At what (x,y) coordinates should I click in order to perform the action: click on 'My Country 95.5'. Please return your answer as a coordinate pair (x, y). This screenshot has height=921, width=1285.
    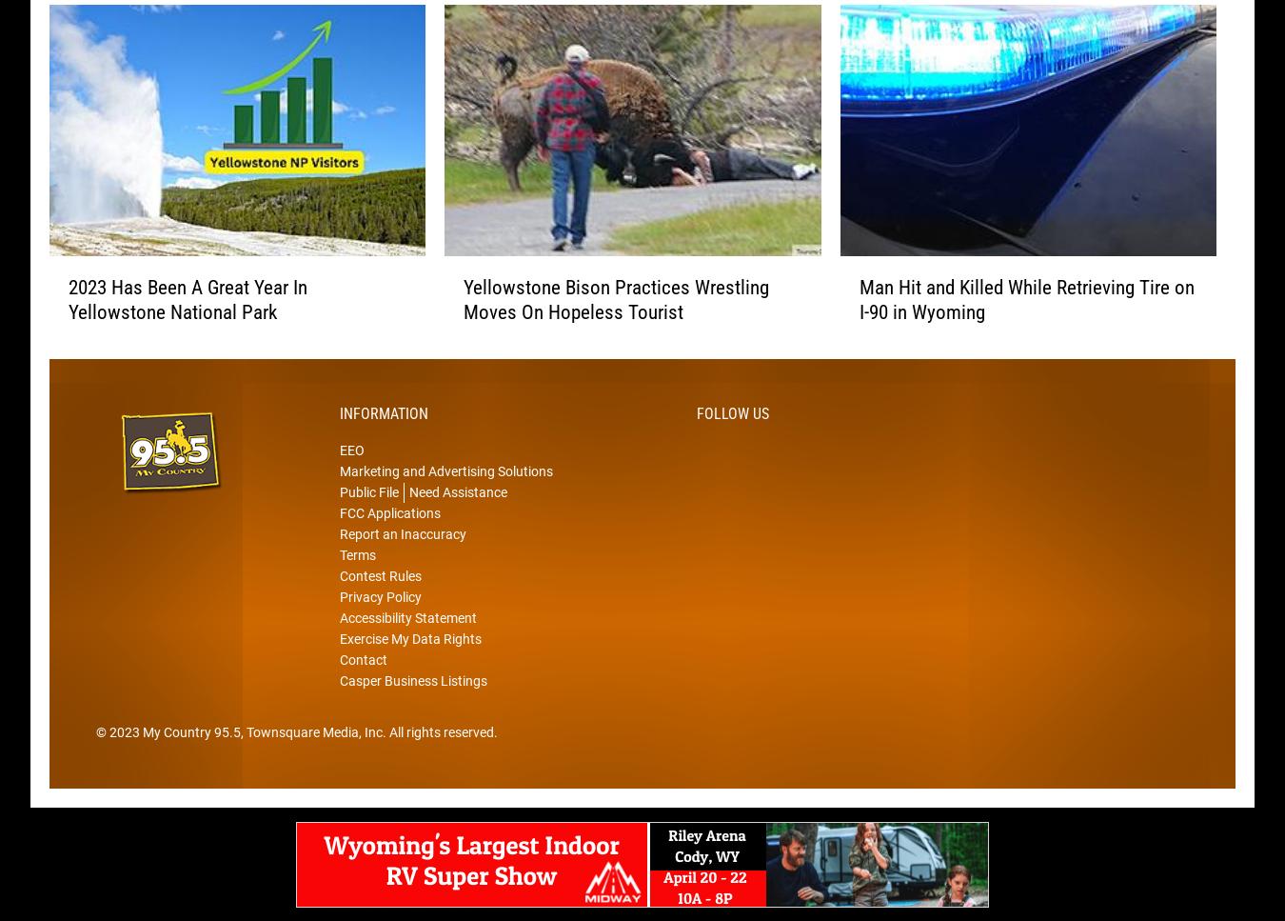
    Looking at the image, I should click on (191, 760).